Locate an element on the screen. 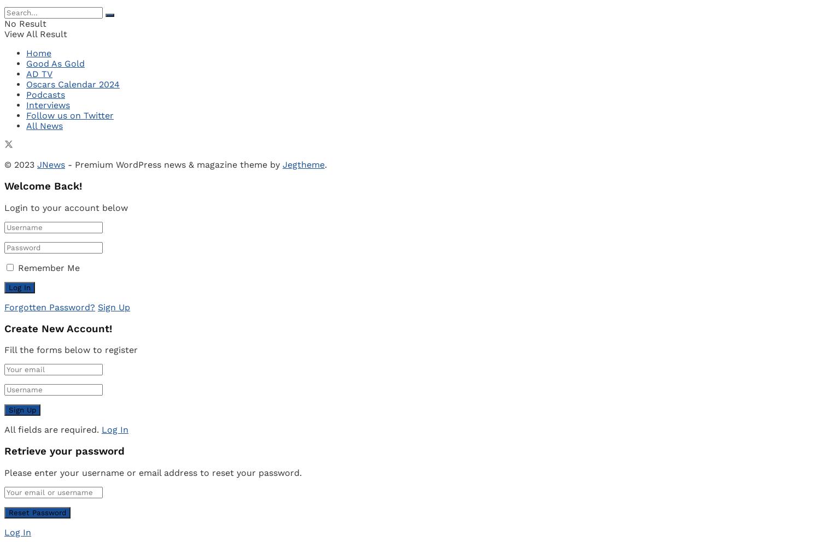 This screenshot has width=820, height=542. 'Home' is located at coordinates (38, 52).